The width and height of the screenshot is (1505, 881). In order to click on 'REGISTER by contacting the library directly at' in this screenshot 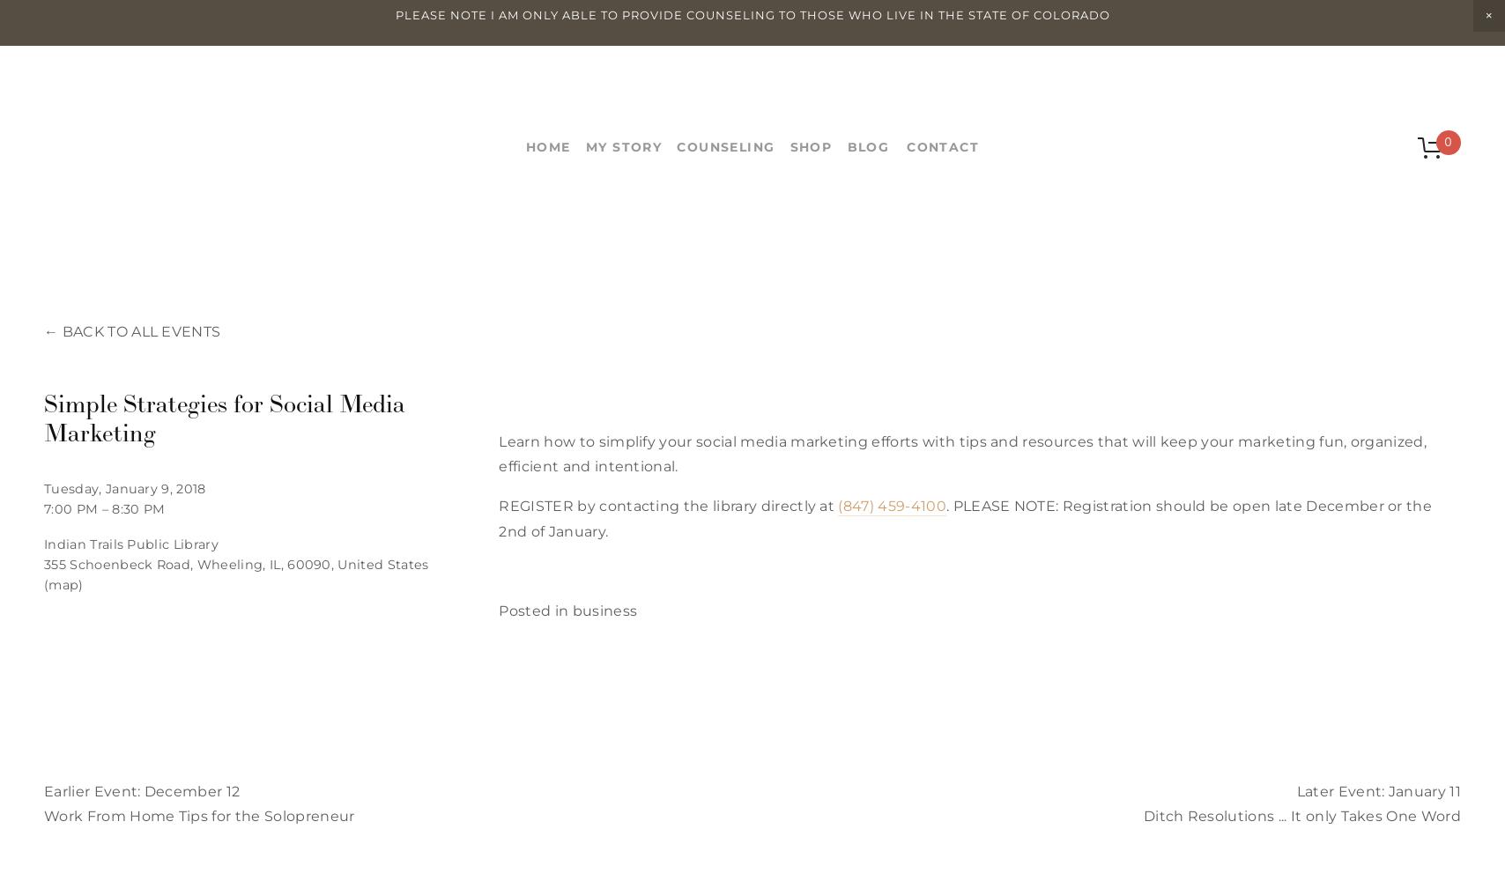, I will do `click(499, 505)`.